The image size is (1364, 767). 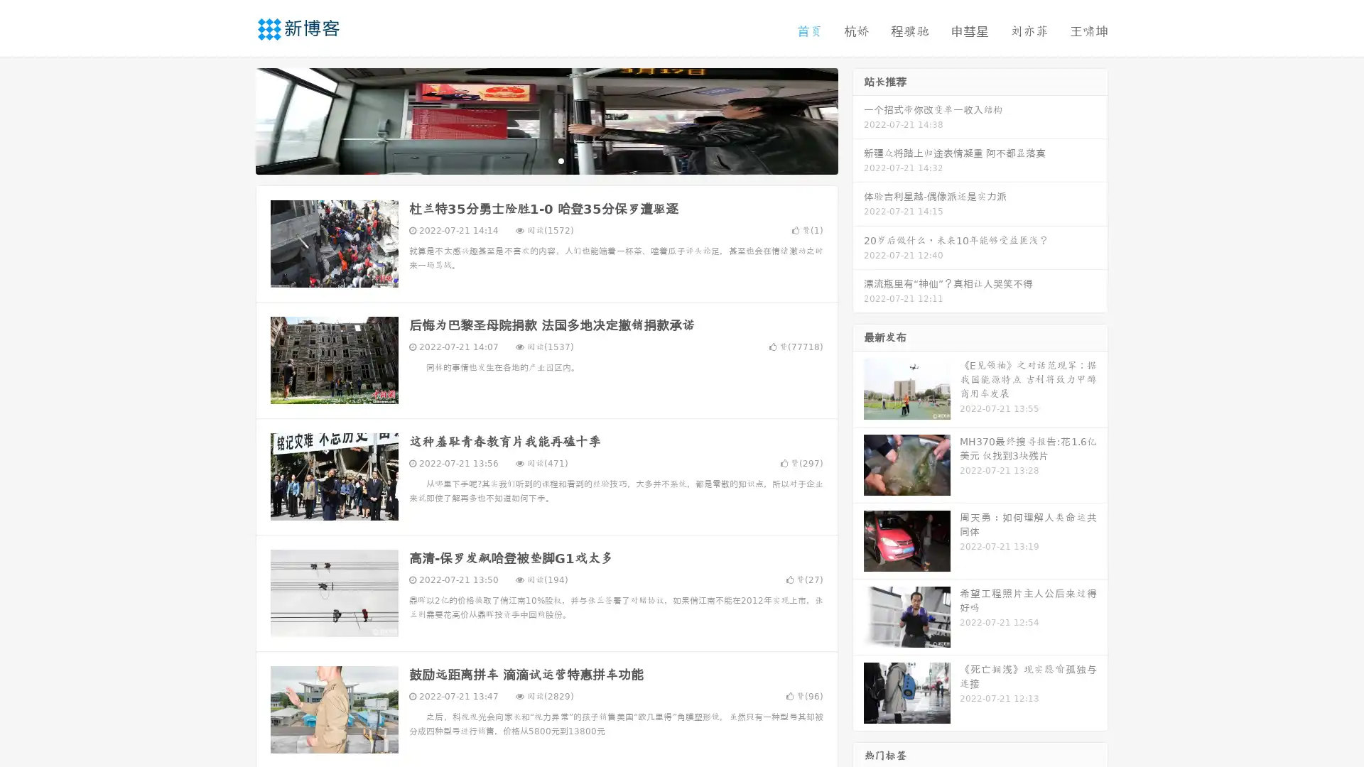 I want to click on Previous slide, so click(x=234, y=119).